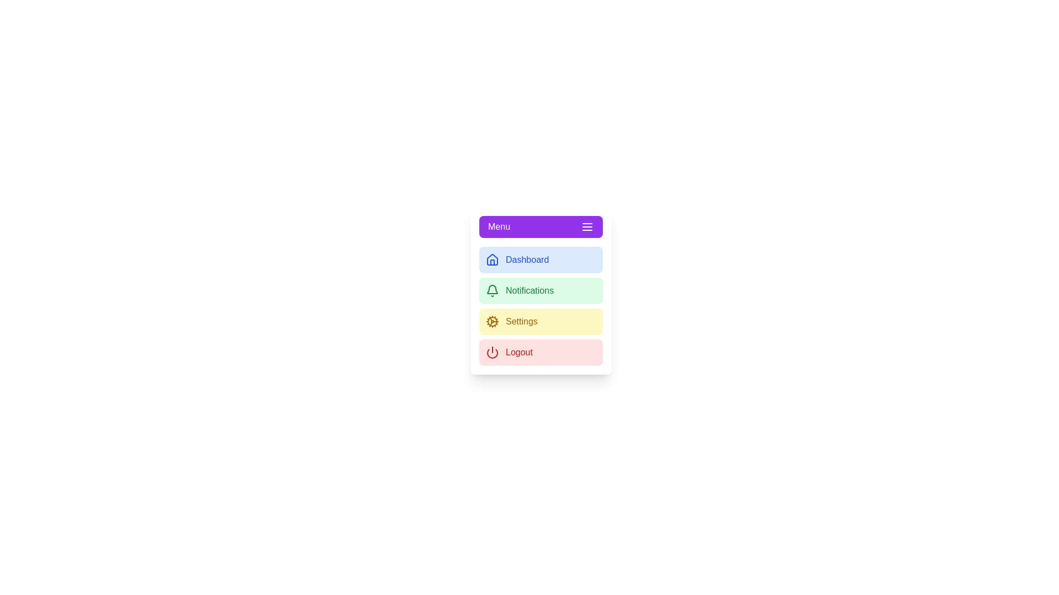 This screenshot has height=595, width=1059. What do you see at coordinates (491, 290) in the screenshot?
I see `the icon of the menu item Notifications to inspect it` at bounding box center [491, 290].